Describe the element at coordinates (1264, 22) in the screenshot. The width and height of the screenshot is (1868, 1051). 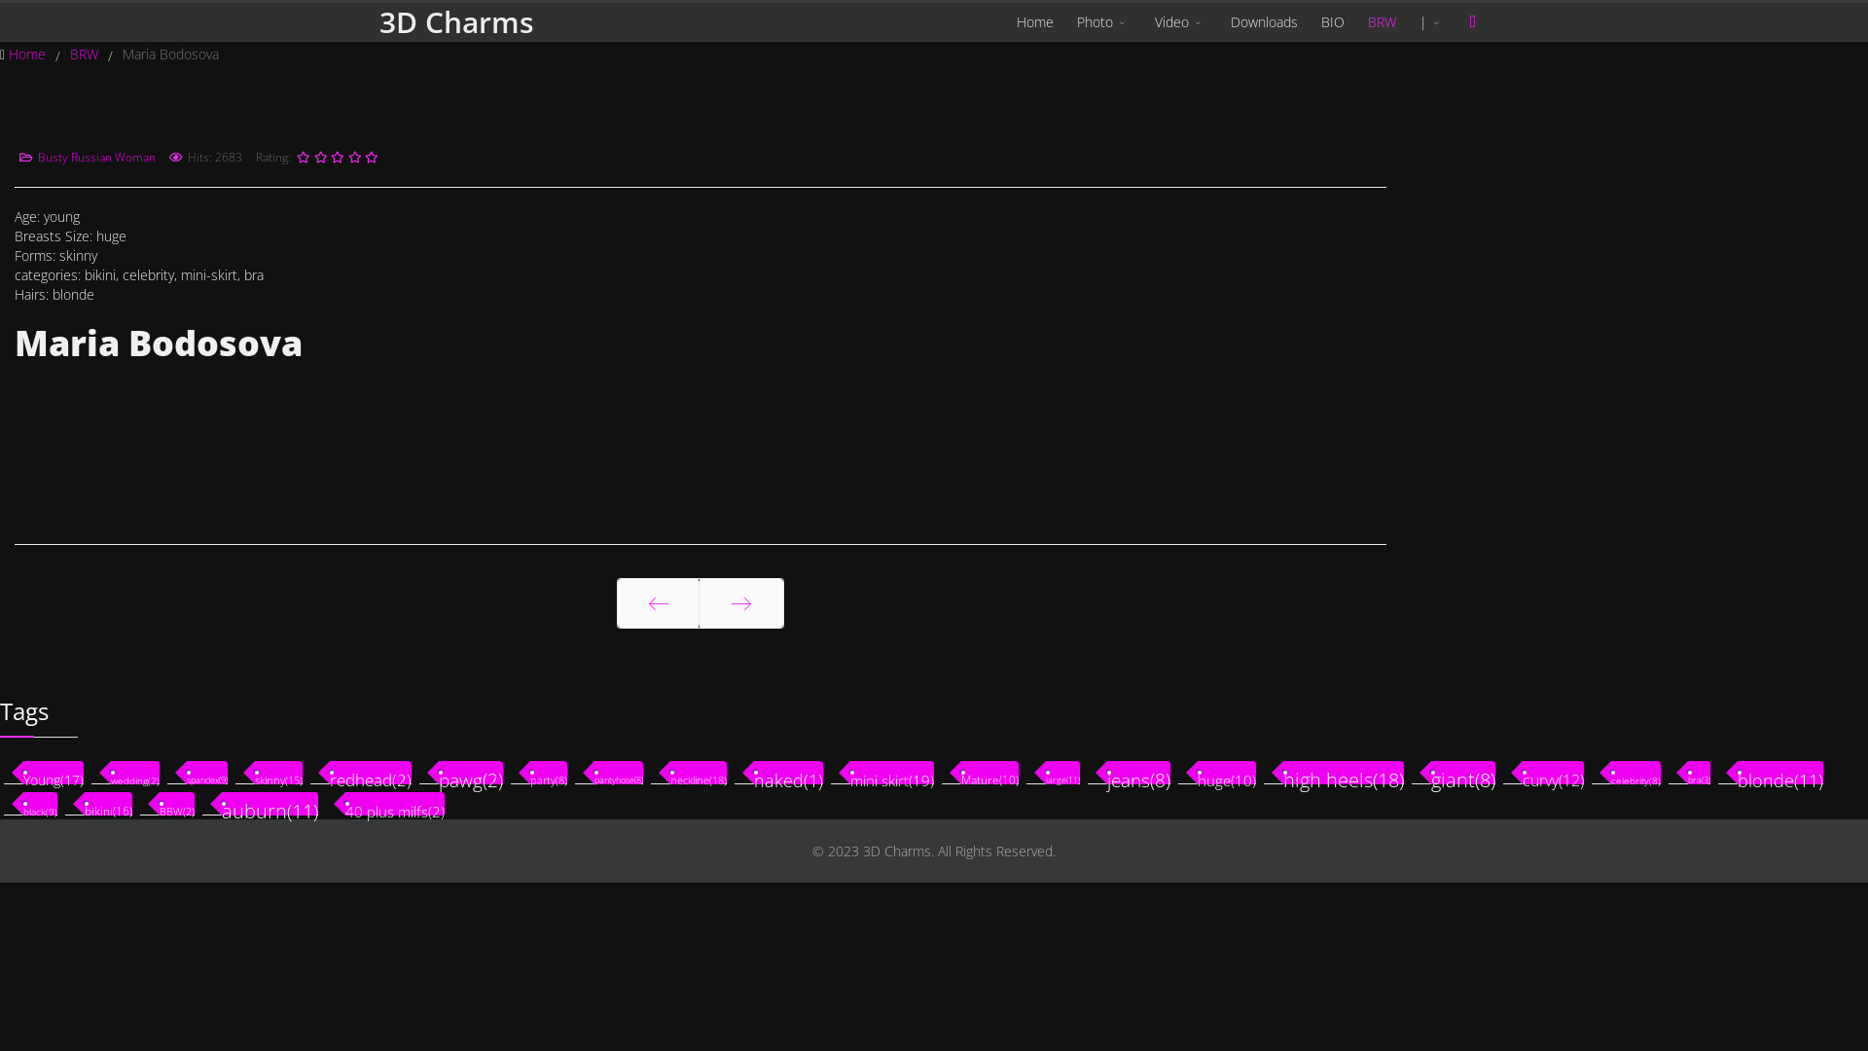
I see `'Downloads'` at that location.